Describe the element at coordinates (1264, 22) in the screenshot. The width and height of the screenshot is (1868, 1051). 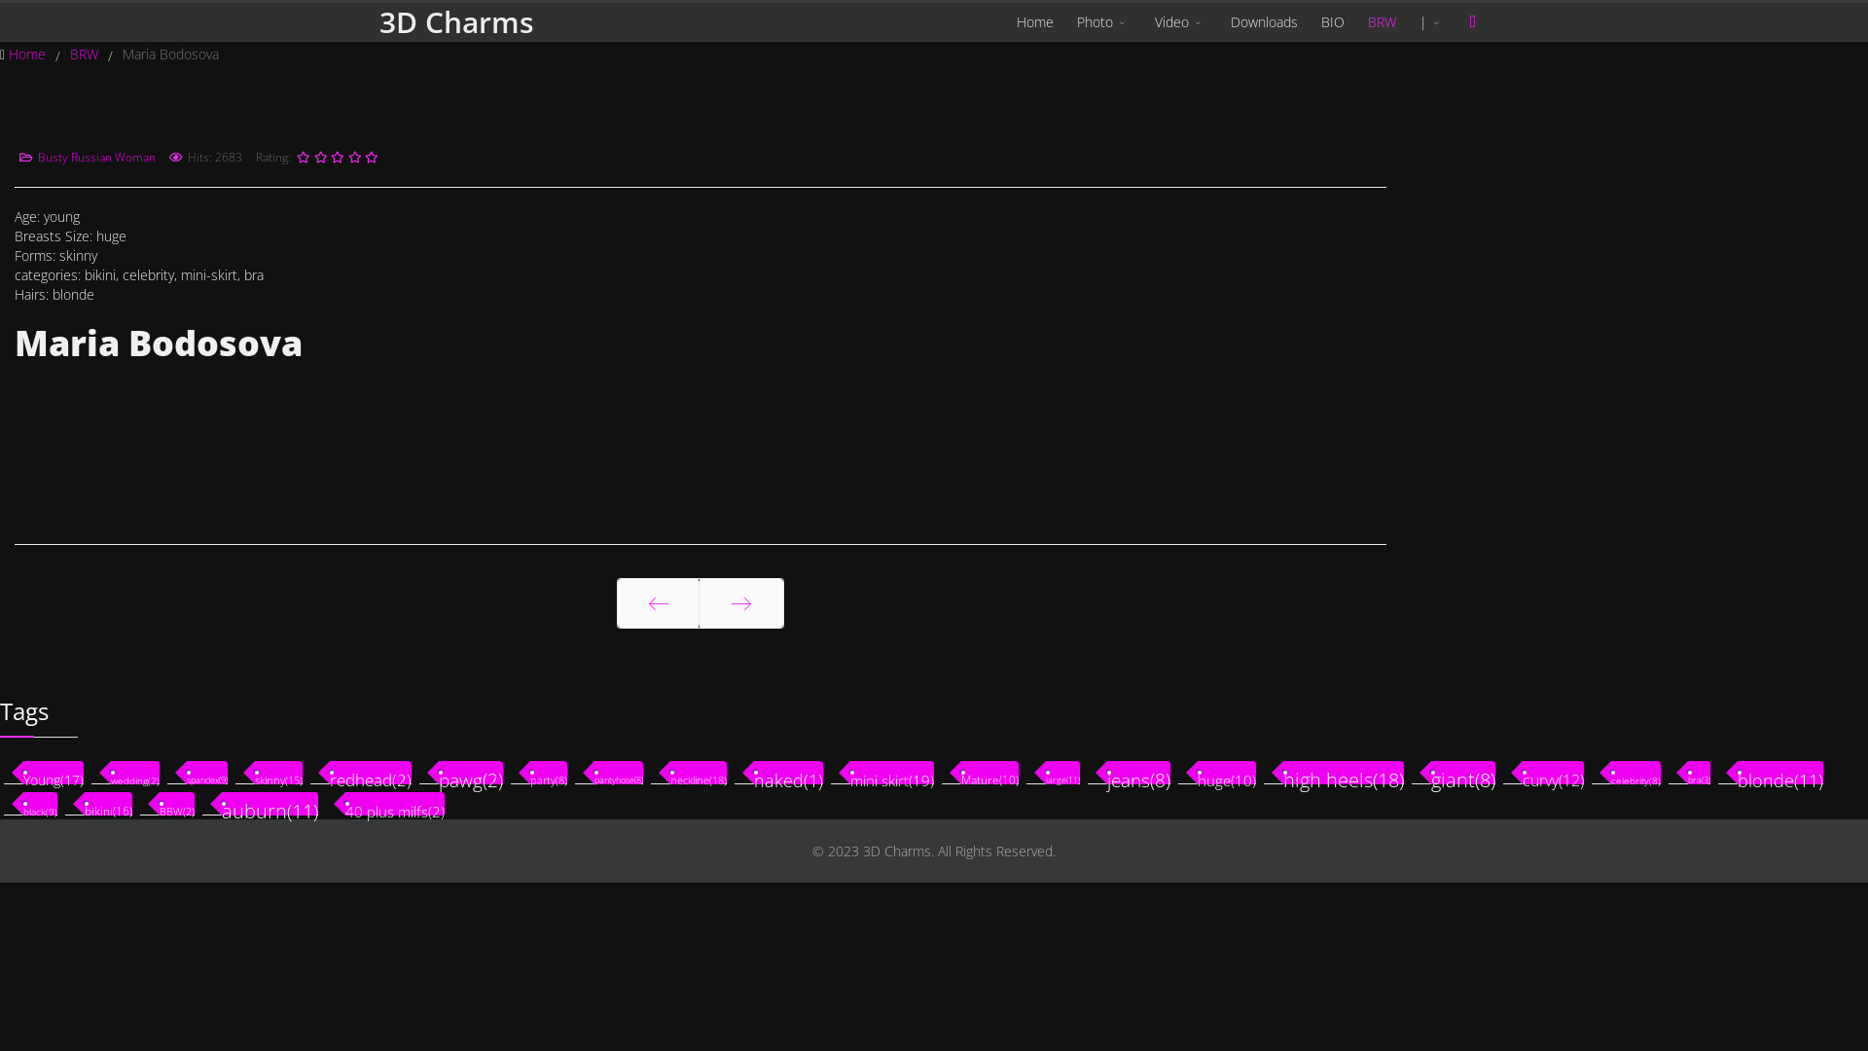
I see `'Downloads'` at that location.